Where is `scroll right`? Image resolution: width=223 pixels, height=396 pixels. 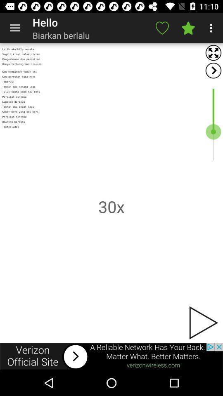
scroll right is located at coordinates (213, 70).